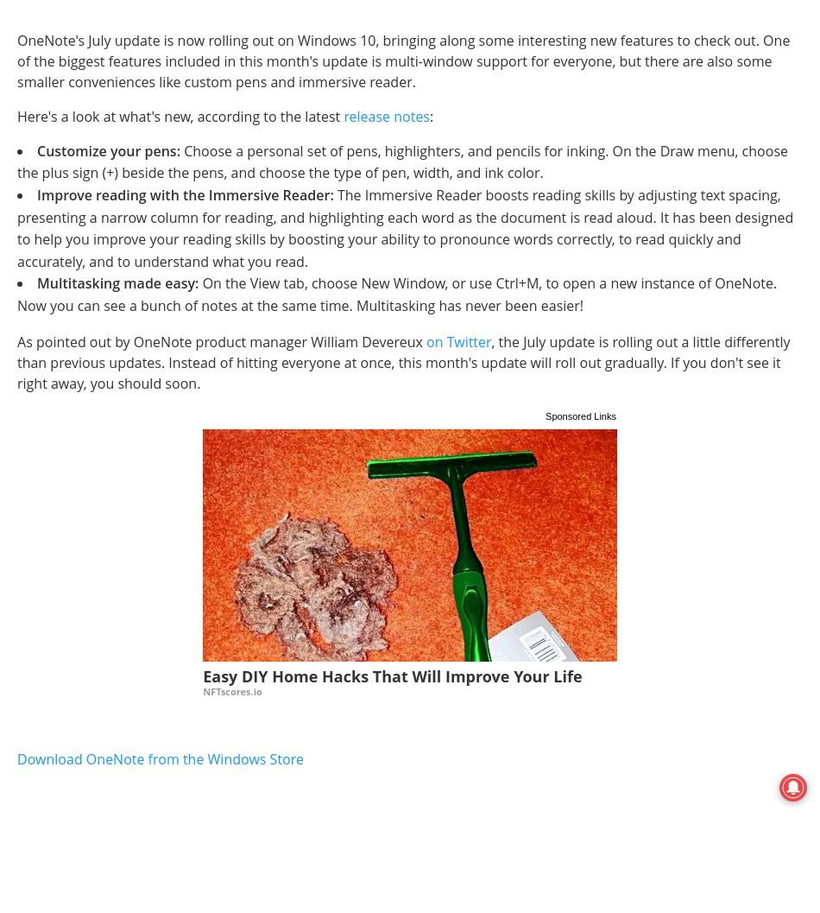 This screenshot has height=913, width=820. I want to click on ', the July update is rolling out a little differently than previous updates. Instead of hitting everyone at once, this month's update will roll out gradually. If you don't see it right away, you should soon.', so click(402, 360).